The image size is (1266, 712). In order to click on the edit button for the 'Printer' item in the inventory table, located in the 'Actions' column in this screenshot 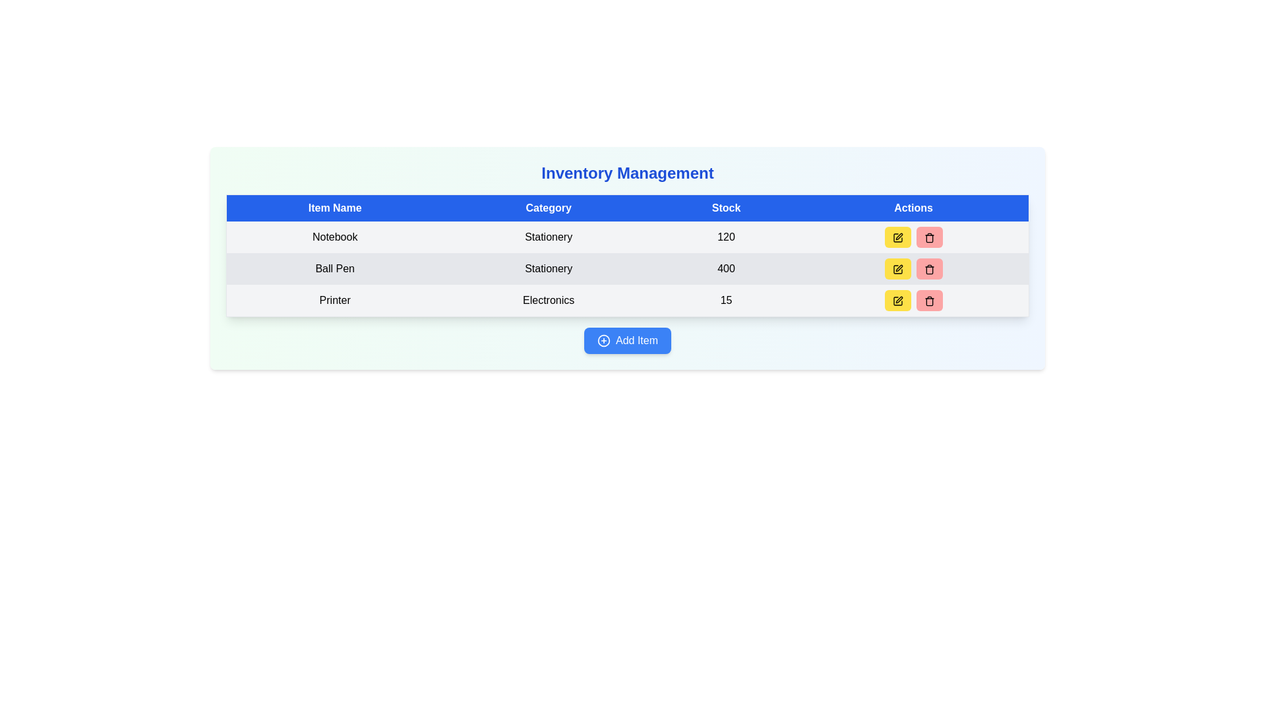, I will do `click(897, 300)`.